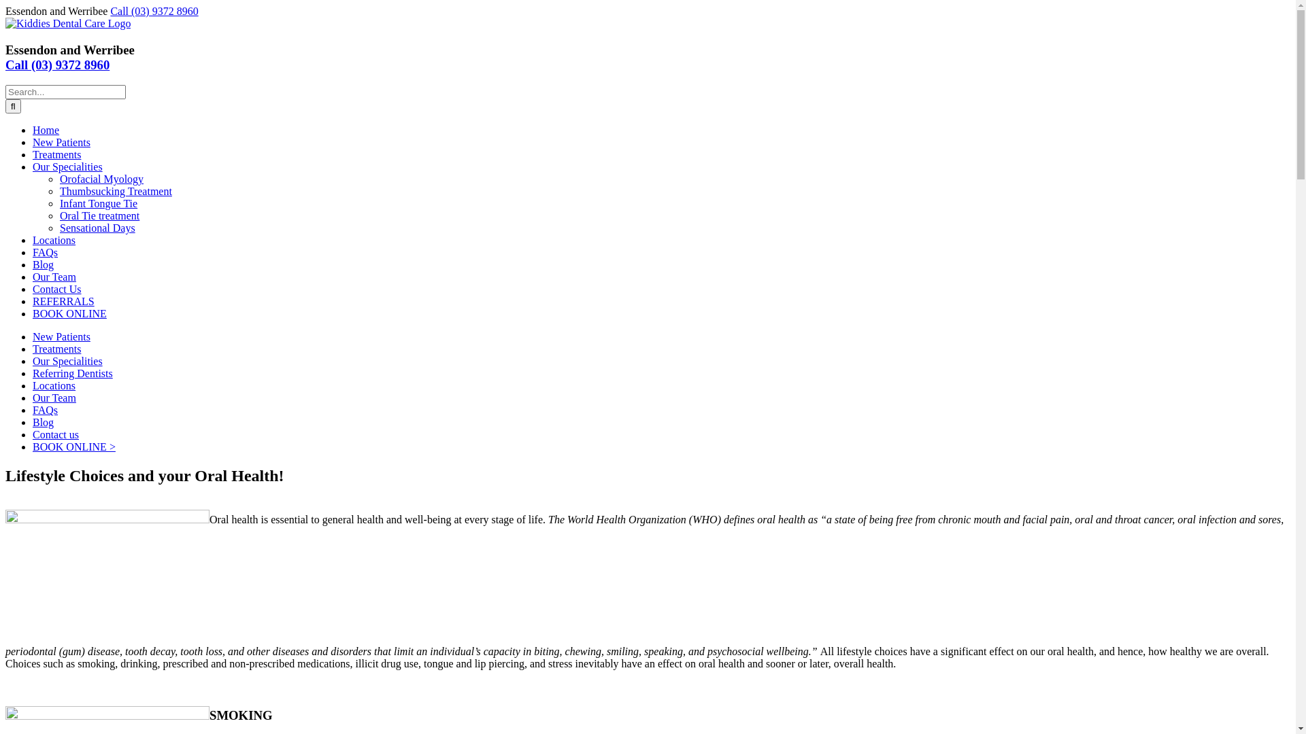  What do you see at coordinates (45, 409) in the screenshot?
I see `'FAQs'` at bounding box center [45, 409].